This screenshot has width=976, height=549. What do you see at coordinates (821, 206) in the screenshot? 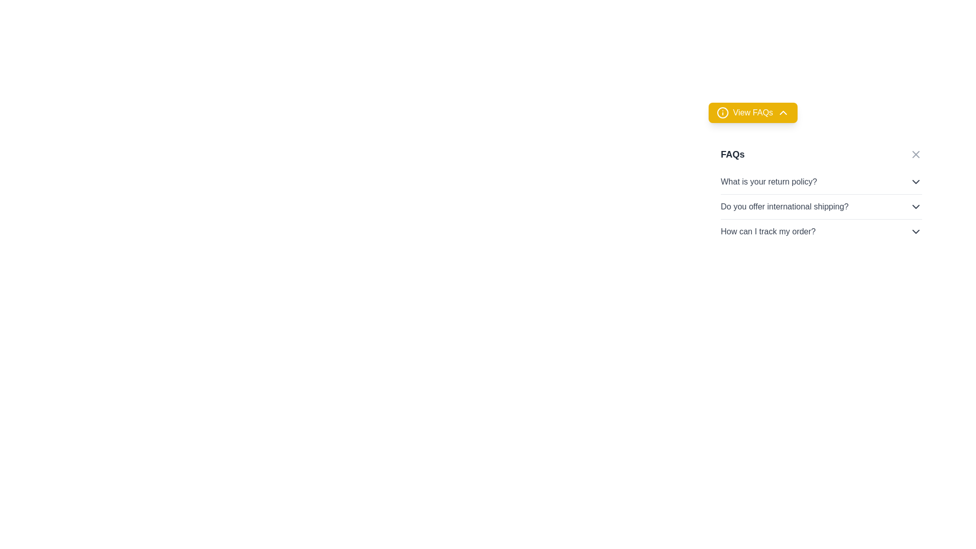
I see `the Dropdown trigger for the FAQ item located between 'What is your return policy?' and 'How can I track my order?'` at bounding box center [821, 206].